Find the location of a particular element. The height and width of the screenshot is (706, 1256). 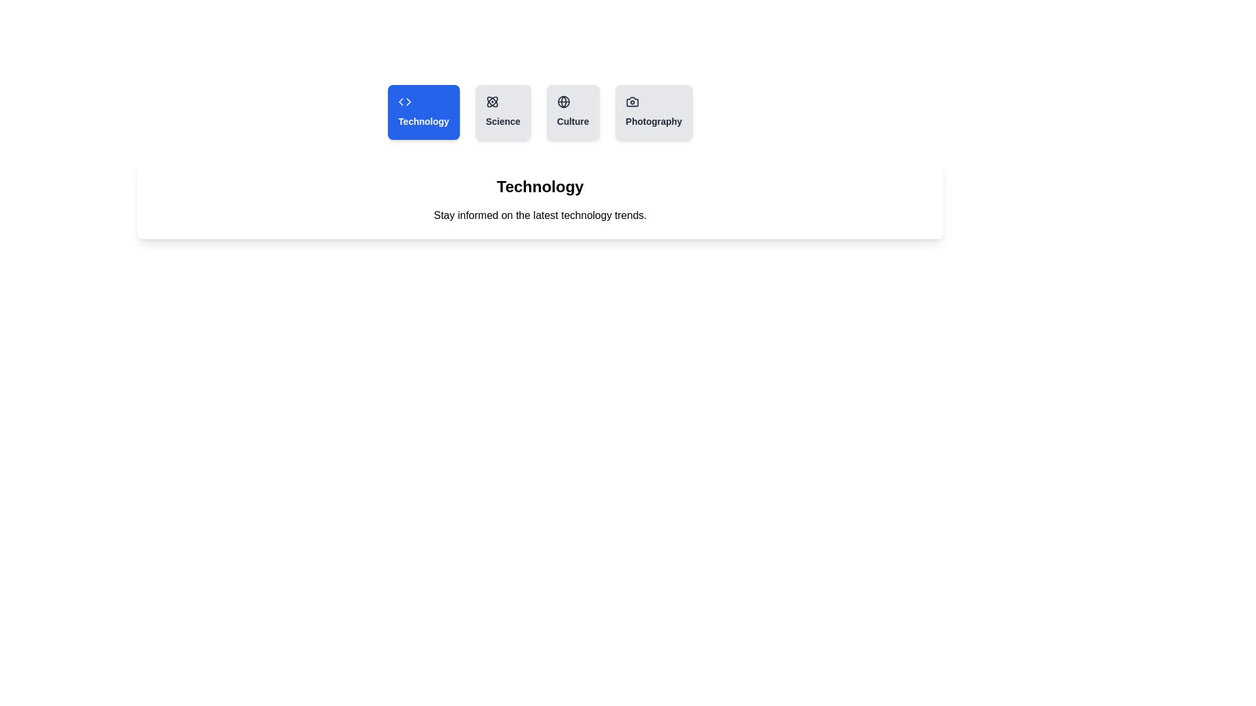

the tab labeled Technology to select it is located at coordinates (423, 112).